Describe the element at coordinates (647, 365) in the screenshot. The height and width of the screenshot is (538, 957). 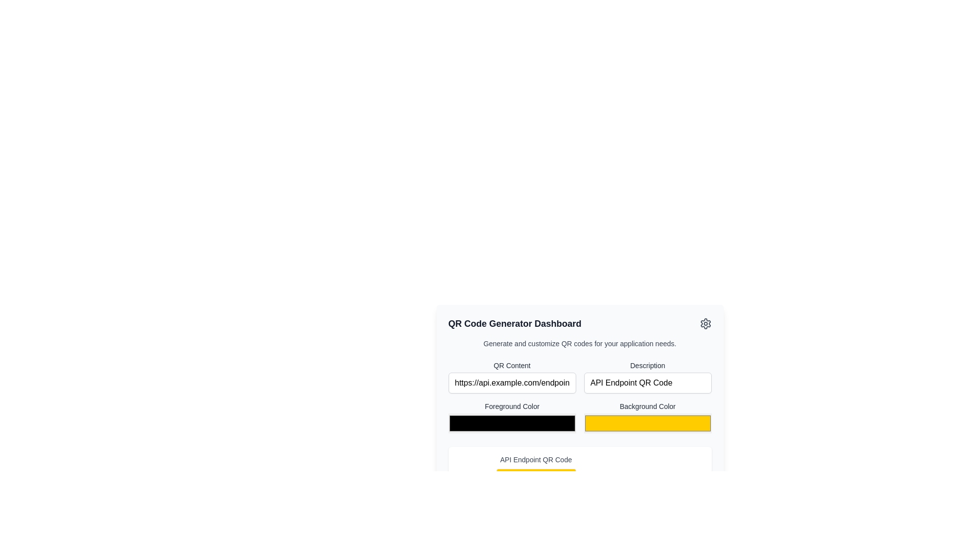
I see `the Static Label Text that reads 'Description', which is styled in medium size font and gray tone, located at the top center of a form group above the input field labeled 'API Endpoint QR Code'` at that location.